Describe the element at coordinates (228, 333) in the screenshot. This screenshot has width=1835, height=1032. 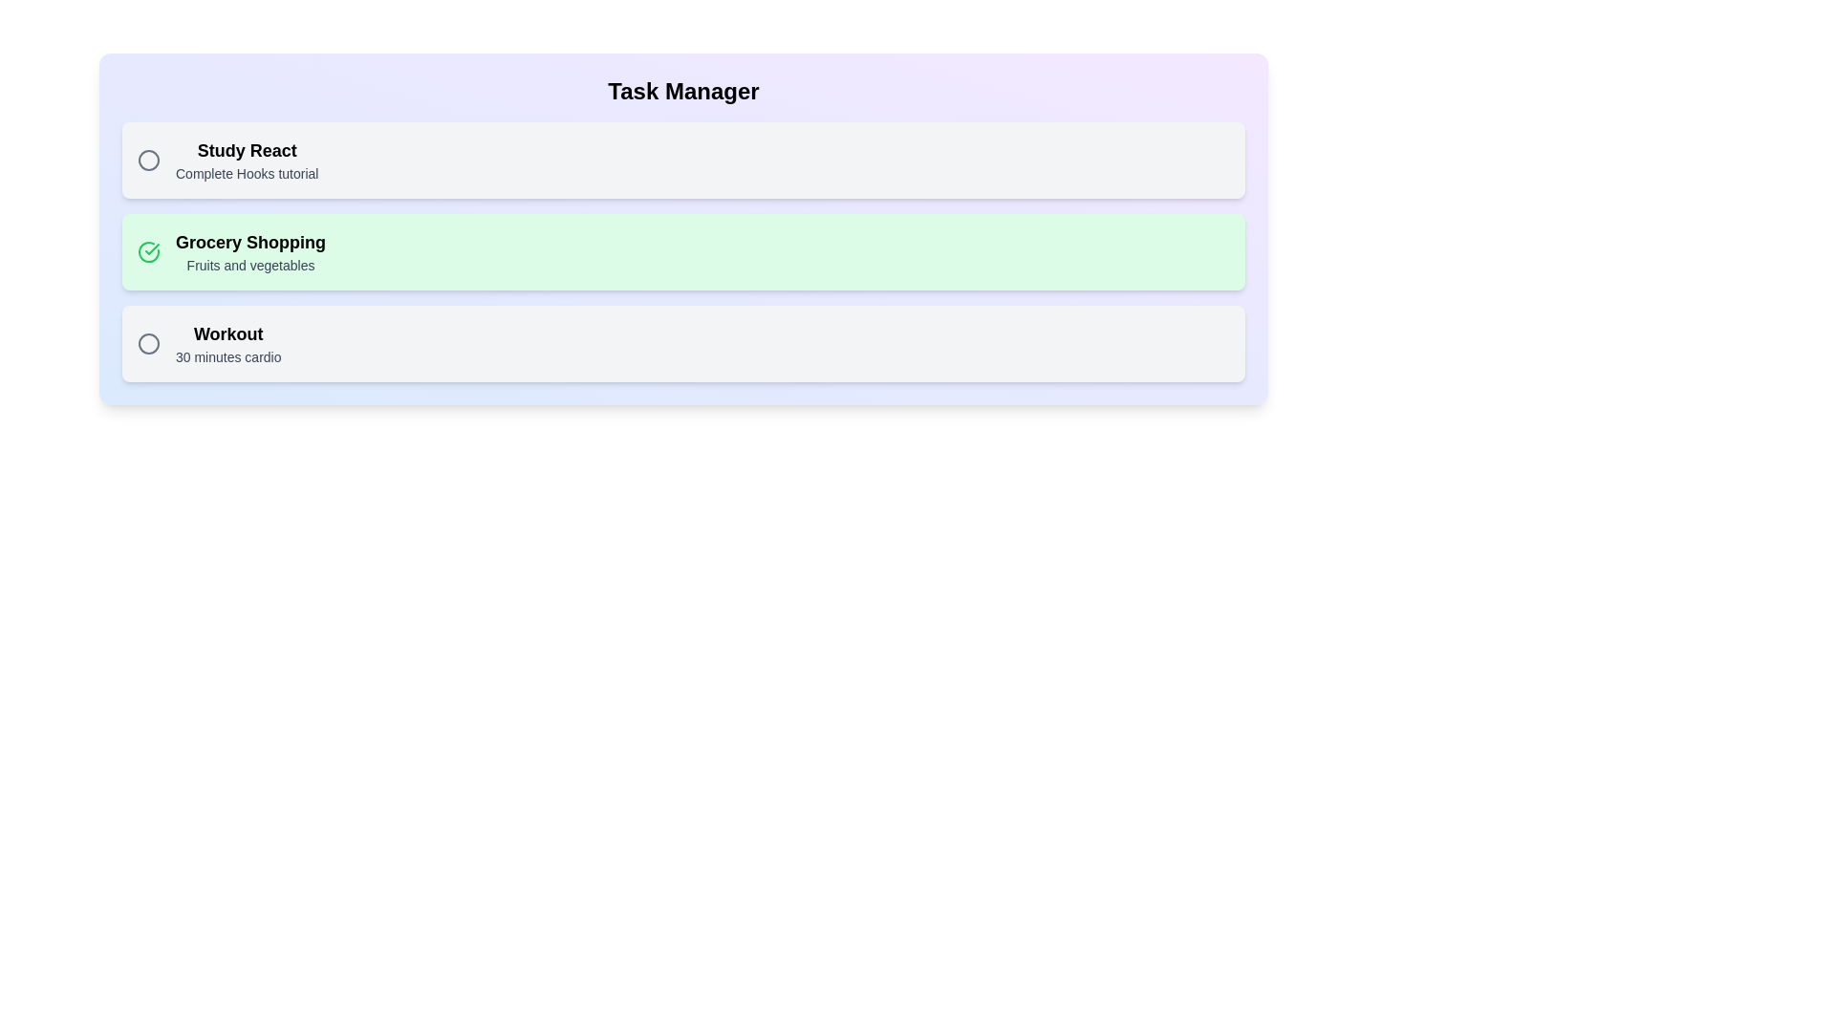
I see `text content of the header Text Label that indicates the title of the workout task, positioned above the '30 minutes cardio' description` at that location.